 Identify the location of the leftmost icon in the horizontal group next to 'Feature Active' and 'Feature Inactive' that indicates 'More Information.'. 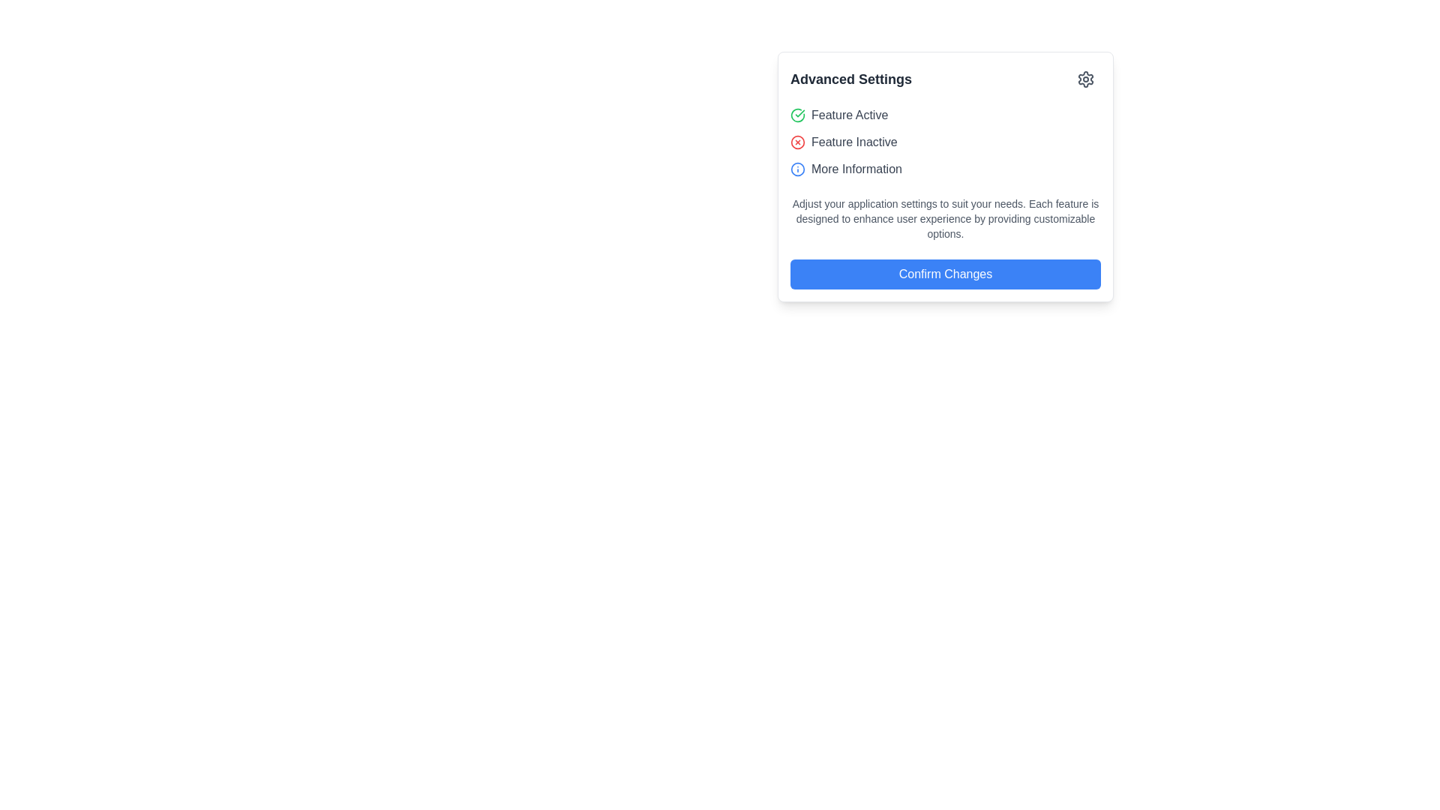
(797, 169).